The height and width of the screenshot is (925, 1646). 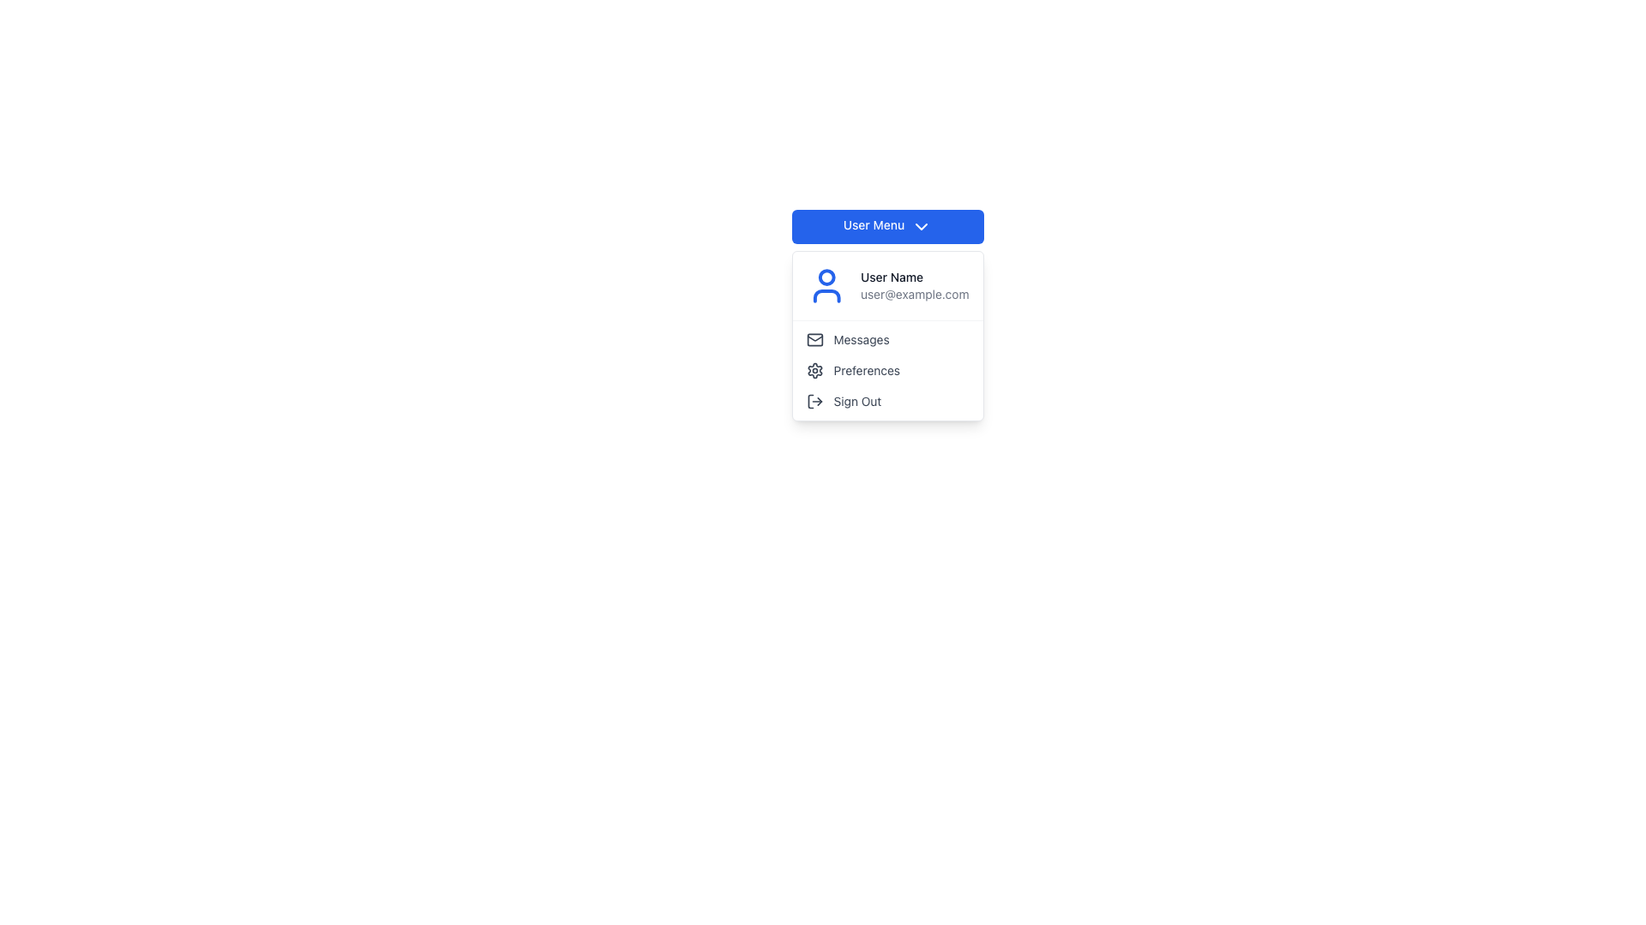 I want to click on the 'Messages' hyperlink with an envelope icon, so click(x=887, y=340).